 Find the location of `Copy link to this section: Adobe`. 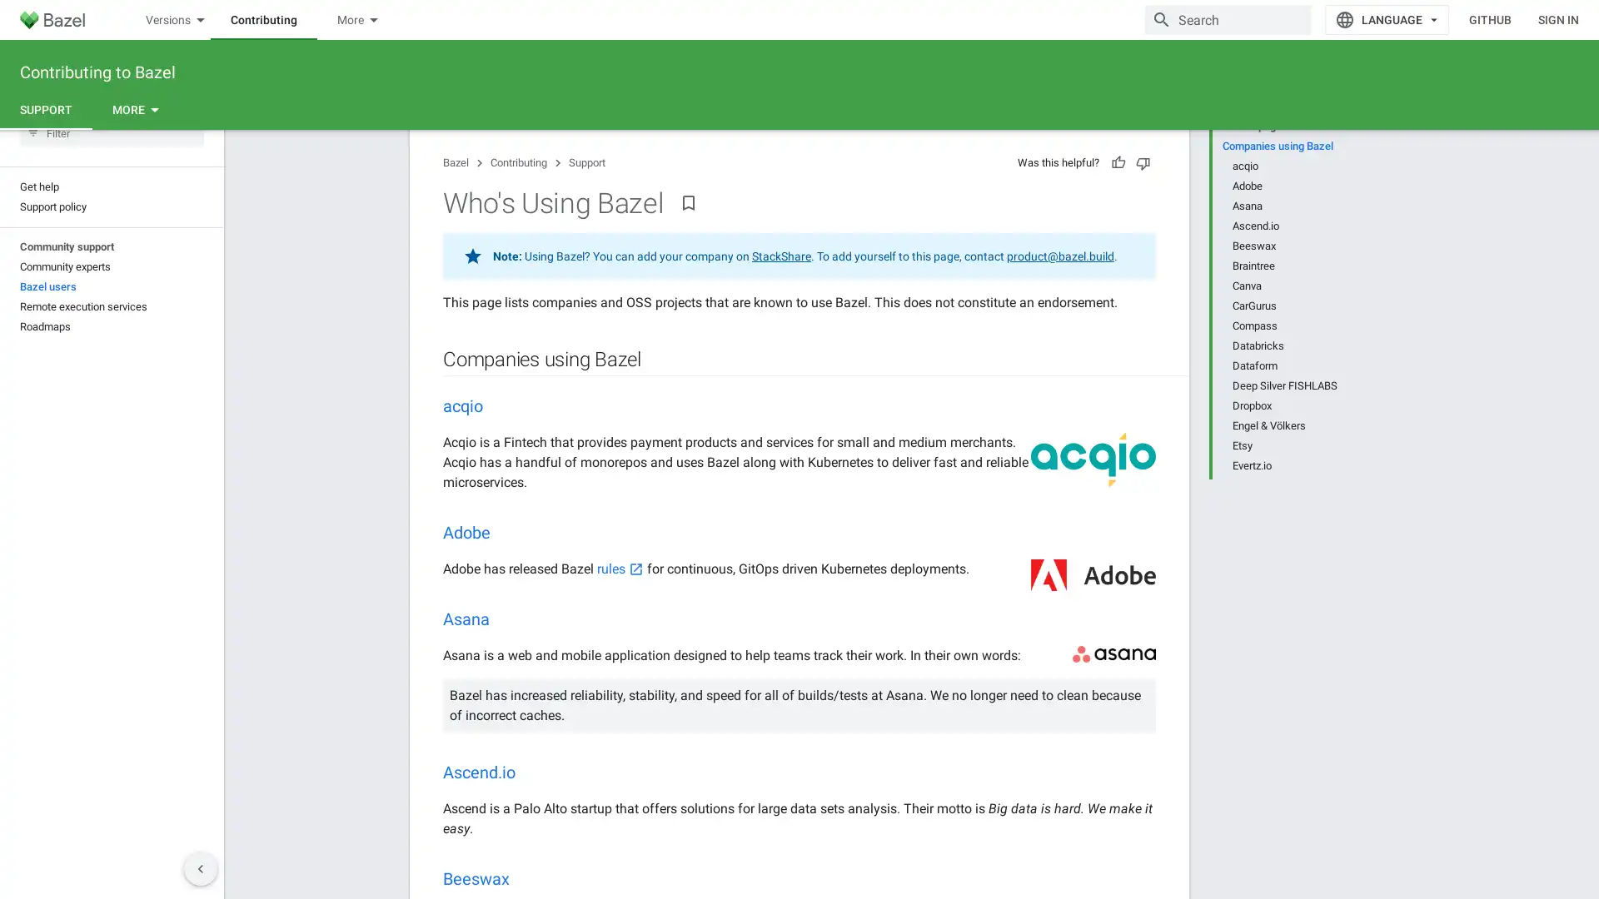

Copy link to this section: Adobe is located at coordinates (506, 563).